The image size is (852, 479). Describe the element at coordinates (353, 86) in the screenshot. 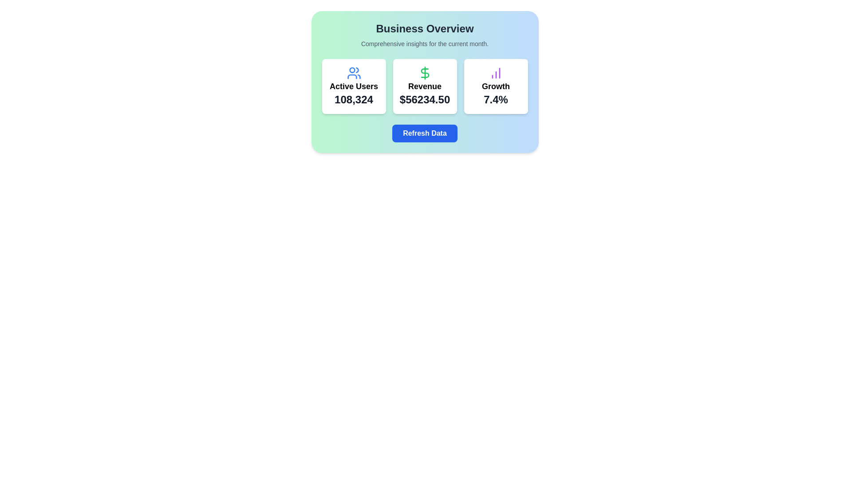

I see `the Text label that describes the metric for active users, positioned below a blue user icon and above the number '108,324'` at that location.